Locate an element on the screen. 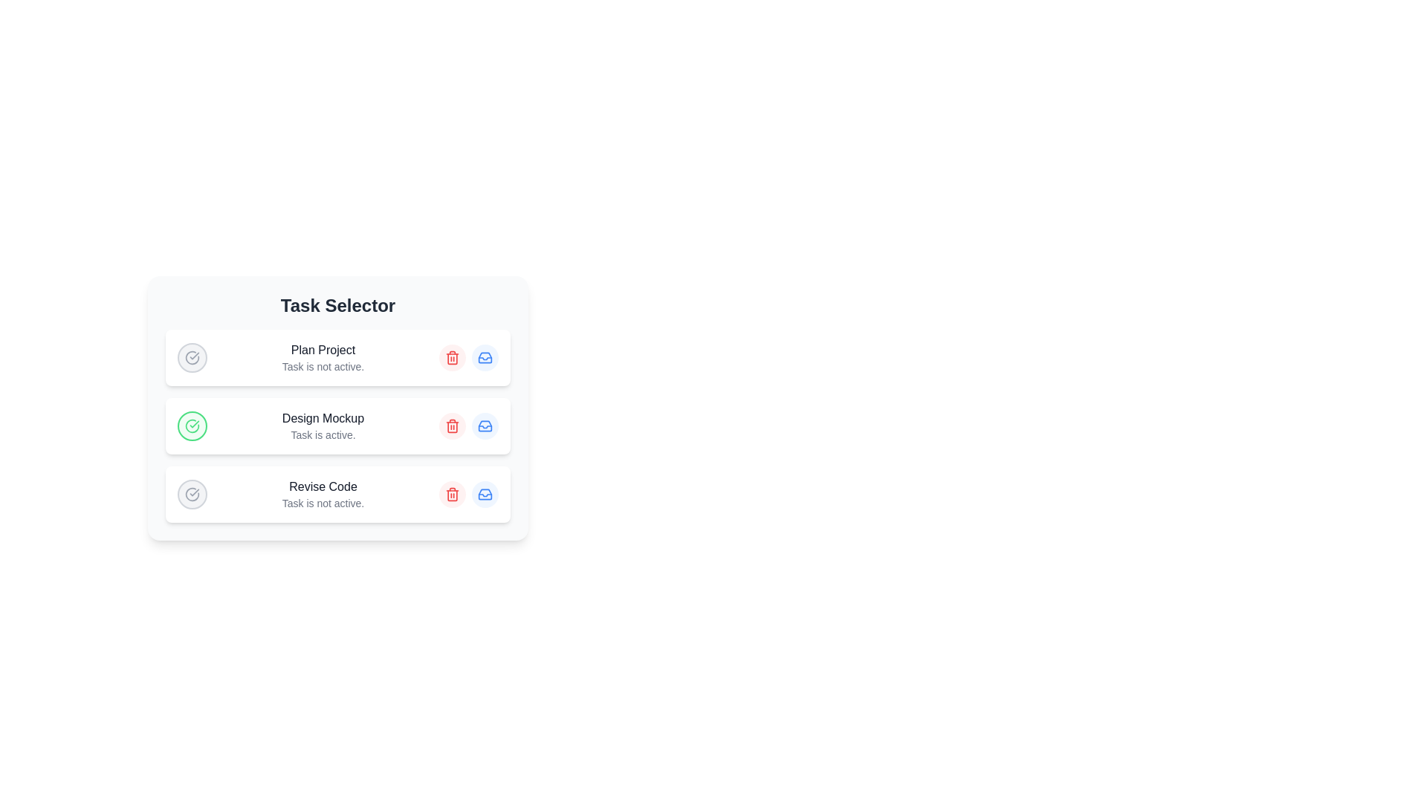 The height and width of the screenshot is (802, 1427). the red circular button with a trash bin icon, located to the right of the 'Plan Project' list item in the 'Task Selector' interface, to observe any tooltip or hover effect is located at coordinates (452, 358).